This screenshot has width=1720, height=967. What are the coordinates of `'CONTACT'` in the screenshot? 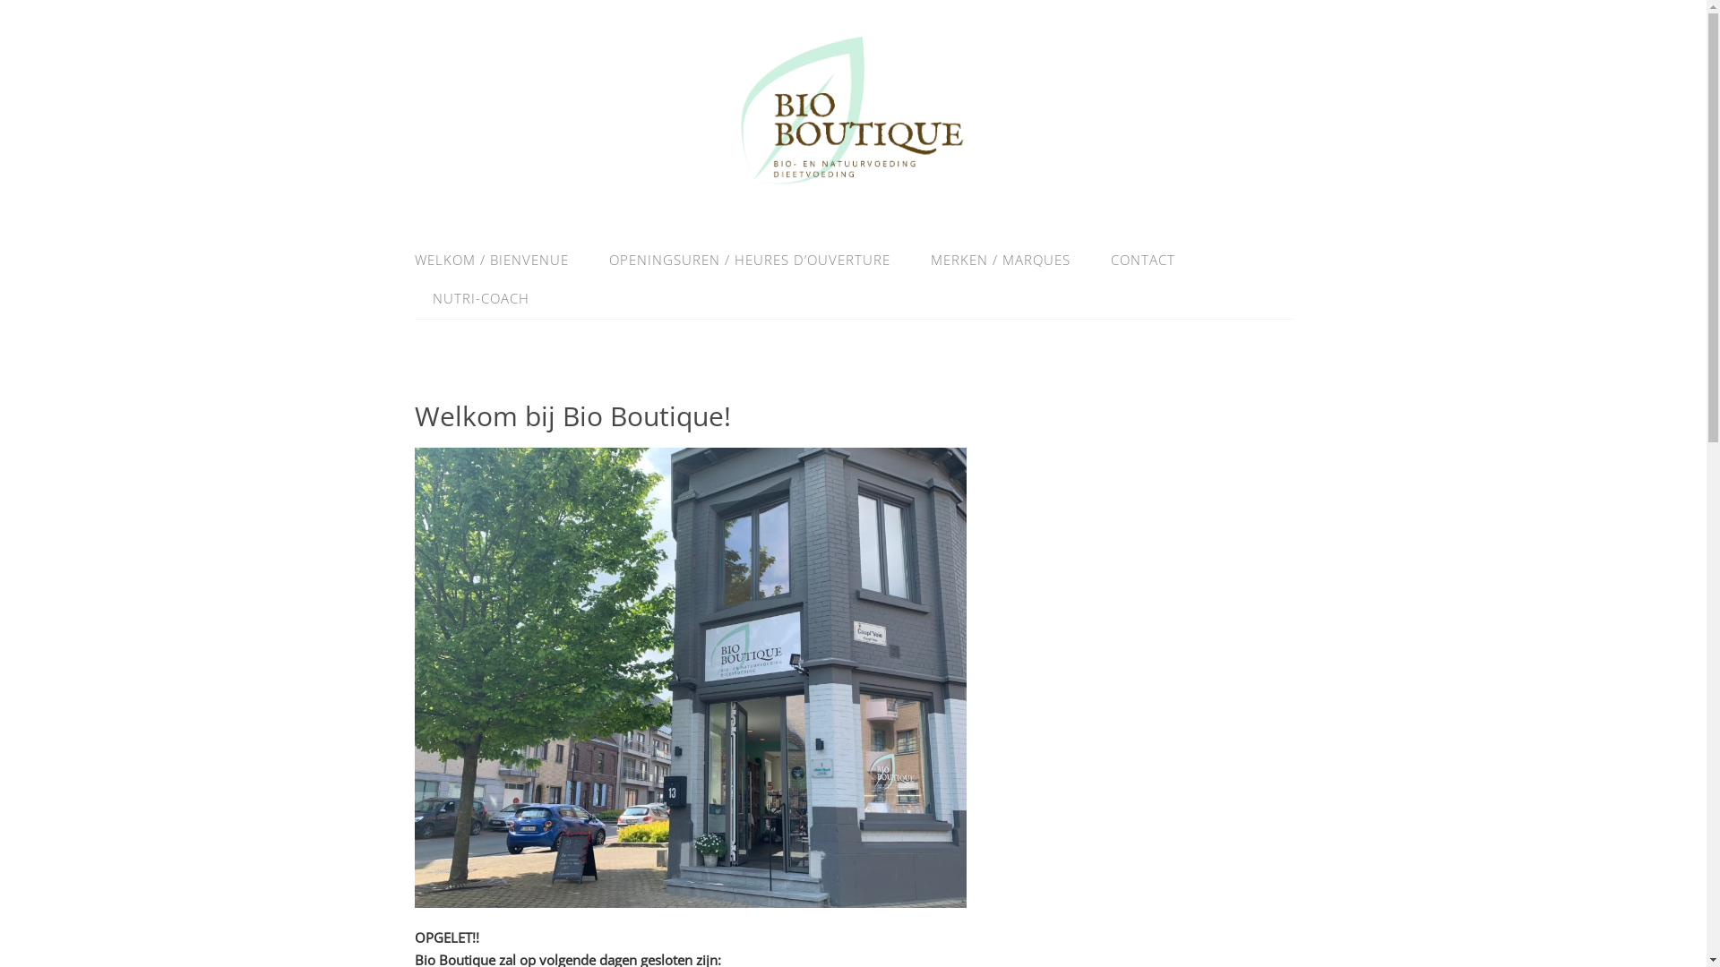 It's located at (1091, 260).